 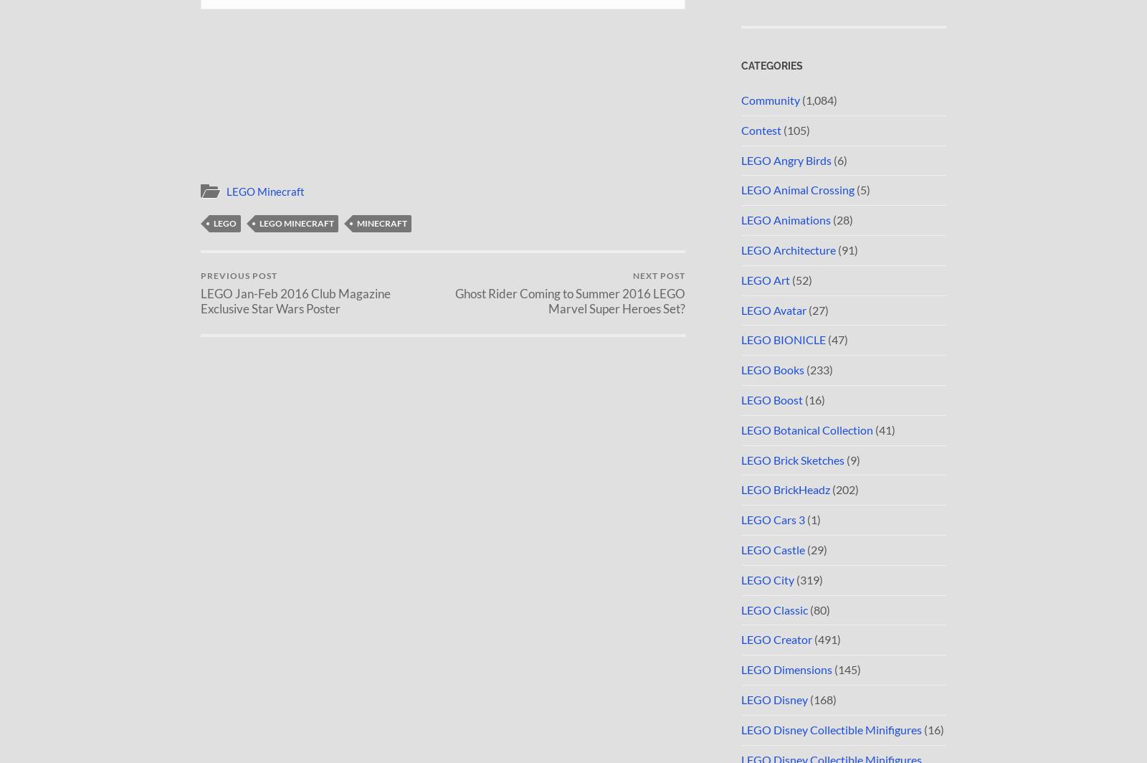 What do you see at coordinates (817, 309) in the screenshot?
I see `'(27)'` at bounding box center [817, 309].